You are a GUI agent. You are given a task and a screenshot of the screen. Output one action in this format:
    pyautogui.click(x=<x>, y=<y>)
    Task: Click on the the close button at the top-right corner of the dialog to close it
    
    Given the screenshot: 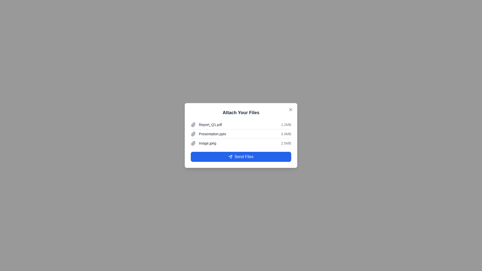 What is the action you would take?
    pyautogui.click(x=290, y=109)
    